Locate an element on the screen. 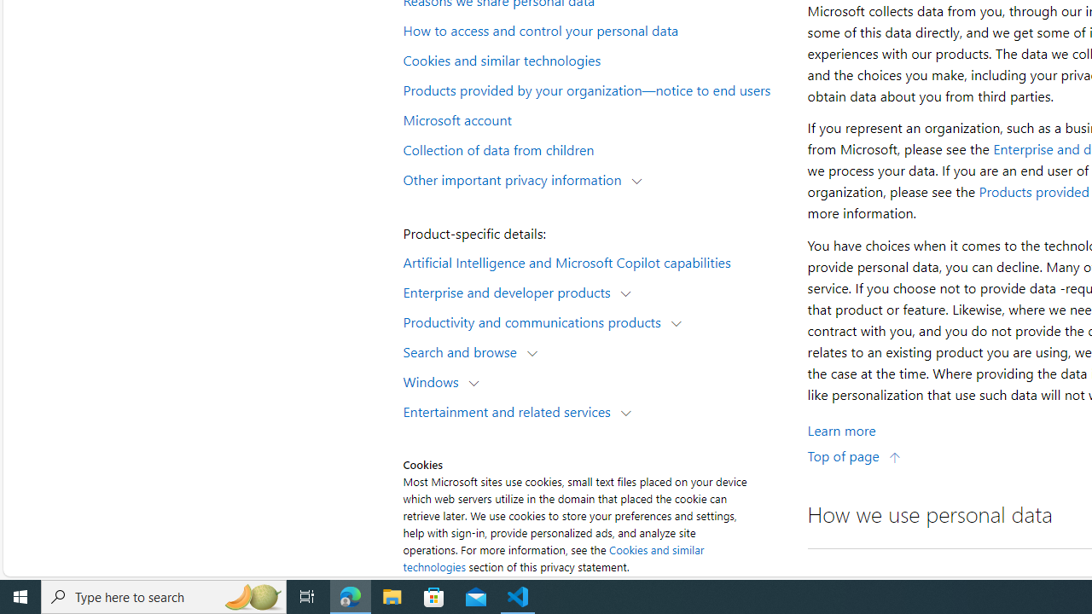 The height and width of the screenshot is (614, 1092). 'Productivity and communications products' is located at coordinates (535, 321).